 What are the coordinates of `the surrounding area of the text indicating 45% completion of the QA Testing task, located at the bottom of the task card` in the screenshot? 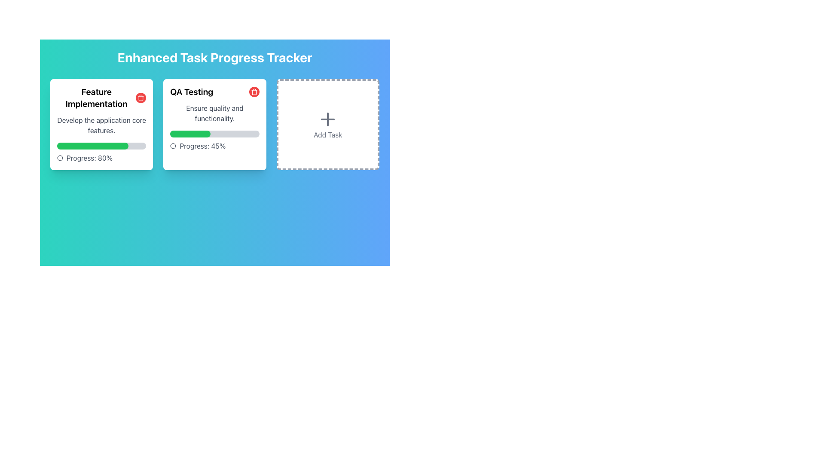 It's located at (214, 145).